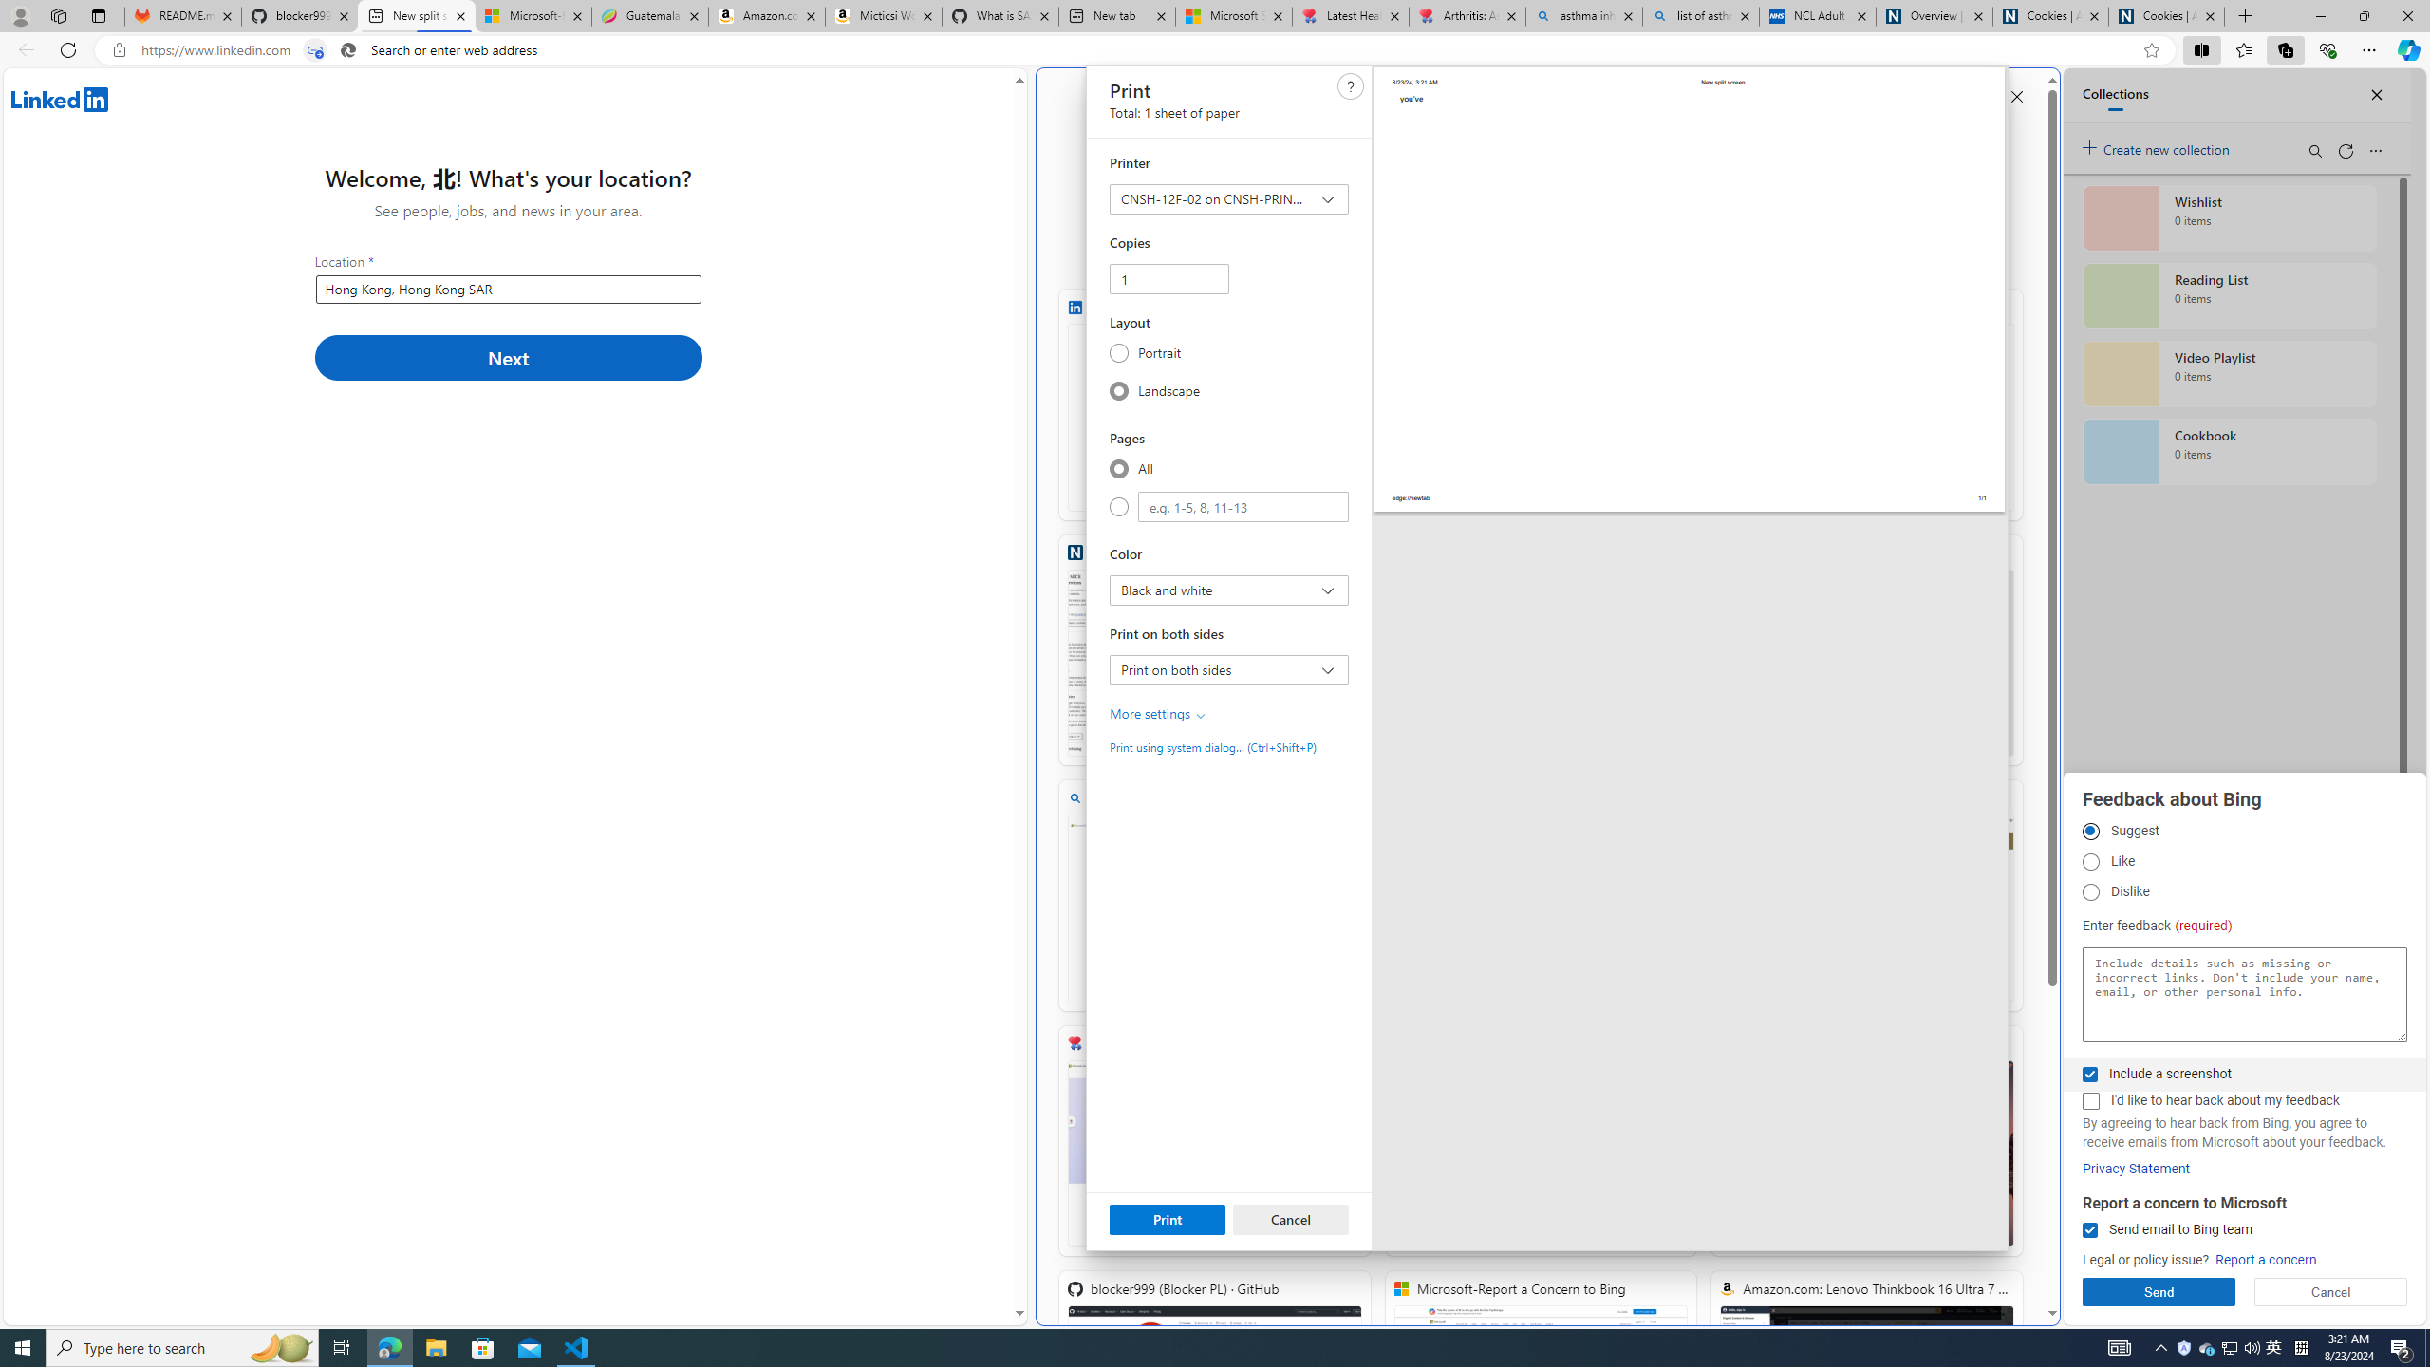 This screenshot has width=2430, height=1367. I want to click on 'Copies', so click(1168, 277).